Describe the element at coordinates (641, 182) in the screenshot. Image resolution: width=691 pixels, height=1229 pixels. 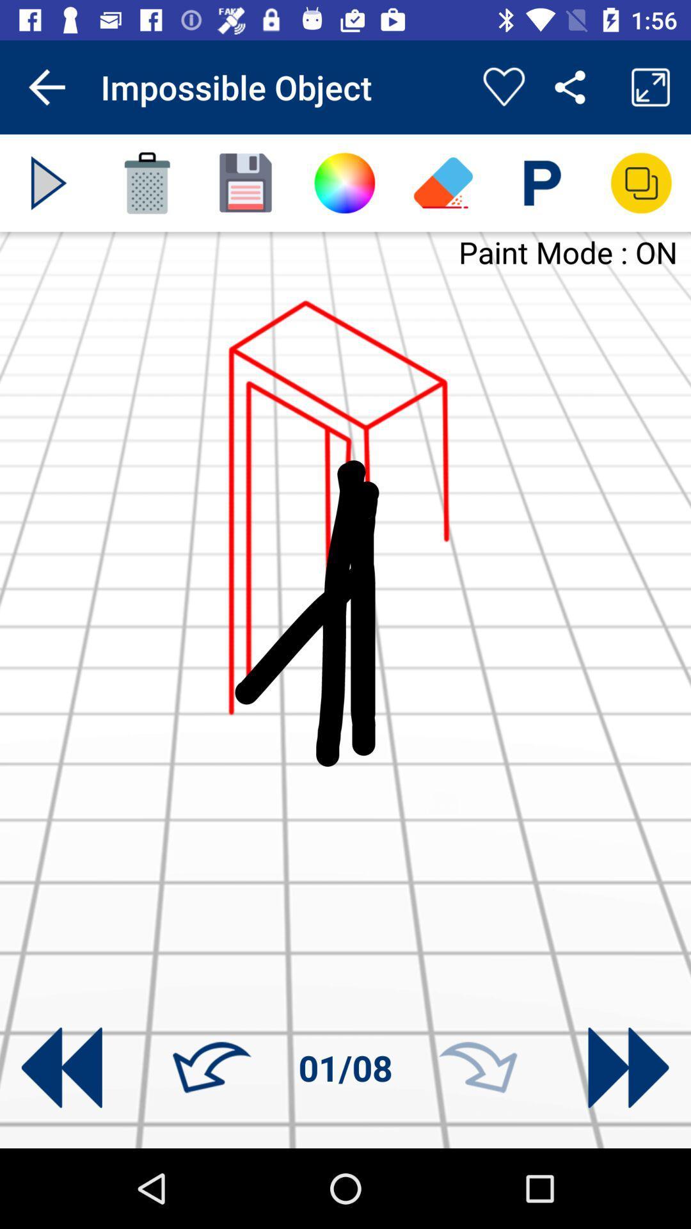
I see `the copy icon` at that location.